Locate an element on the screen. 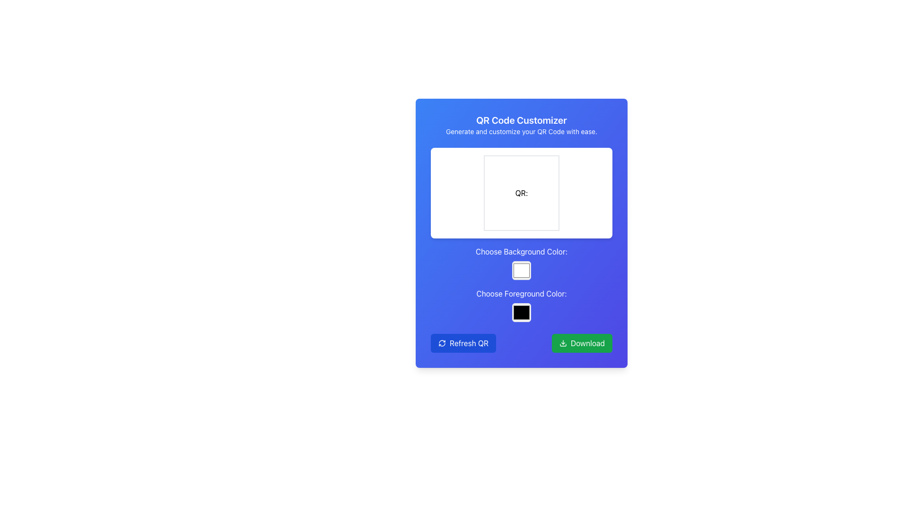  text displayed in the text label that says 'Choose Background Color:', which is centrally positioned above the color selection box is located at coordinates (521, 251).